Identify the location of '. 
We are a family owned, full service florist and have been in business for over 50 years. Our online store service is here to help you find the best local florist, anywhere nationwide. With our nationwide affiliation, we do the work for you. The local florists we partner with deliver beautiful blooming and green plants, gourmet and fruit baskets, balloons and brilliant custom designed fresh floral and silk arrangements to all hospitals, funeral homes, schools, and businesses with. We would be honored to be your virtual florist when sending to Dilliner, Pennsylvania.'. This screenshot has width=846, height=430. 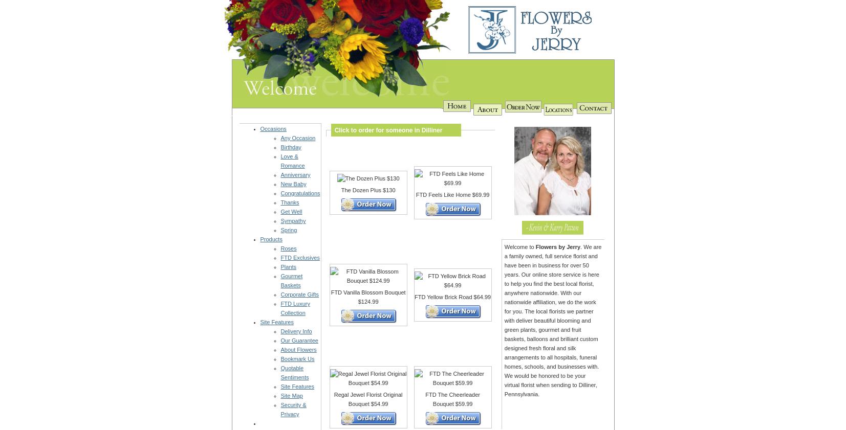
(553, 320).